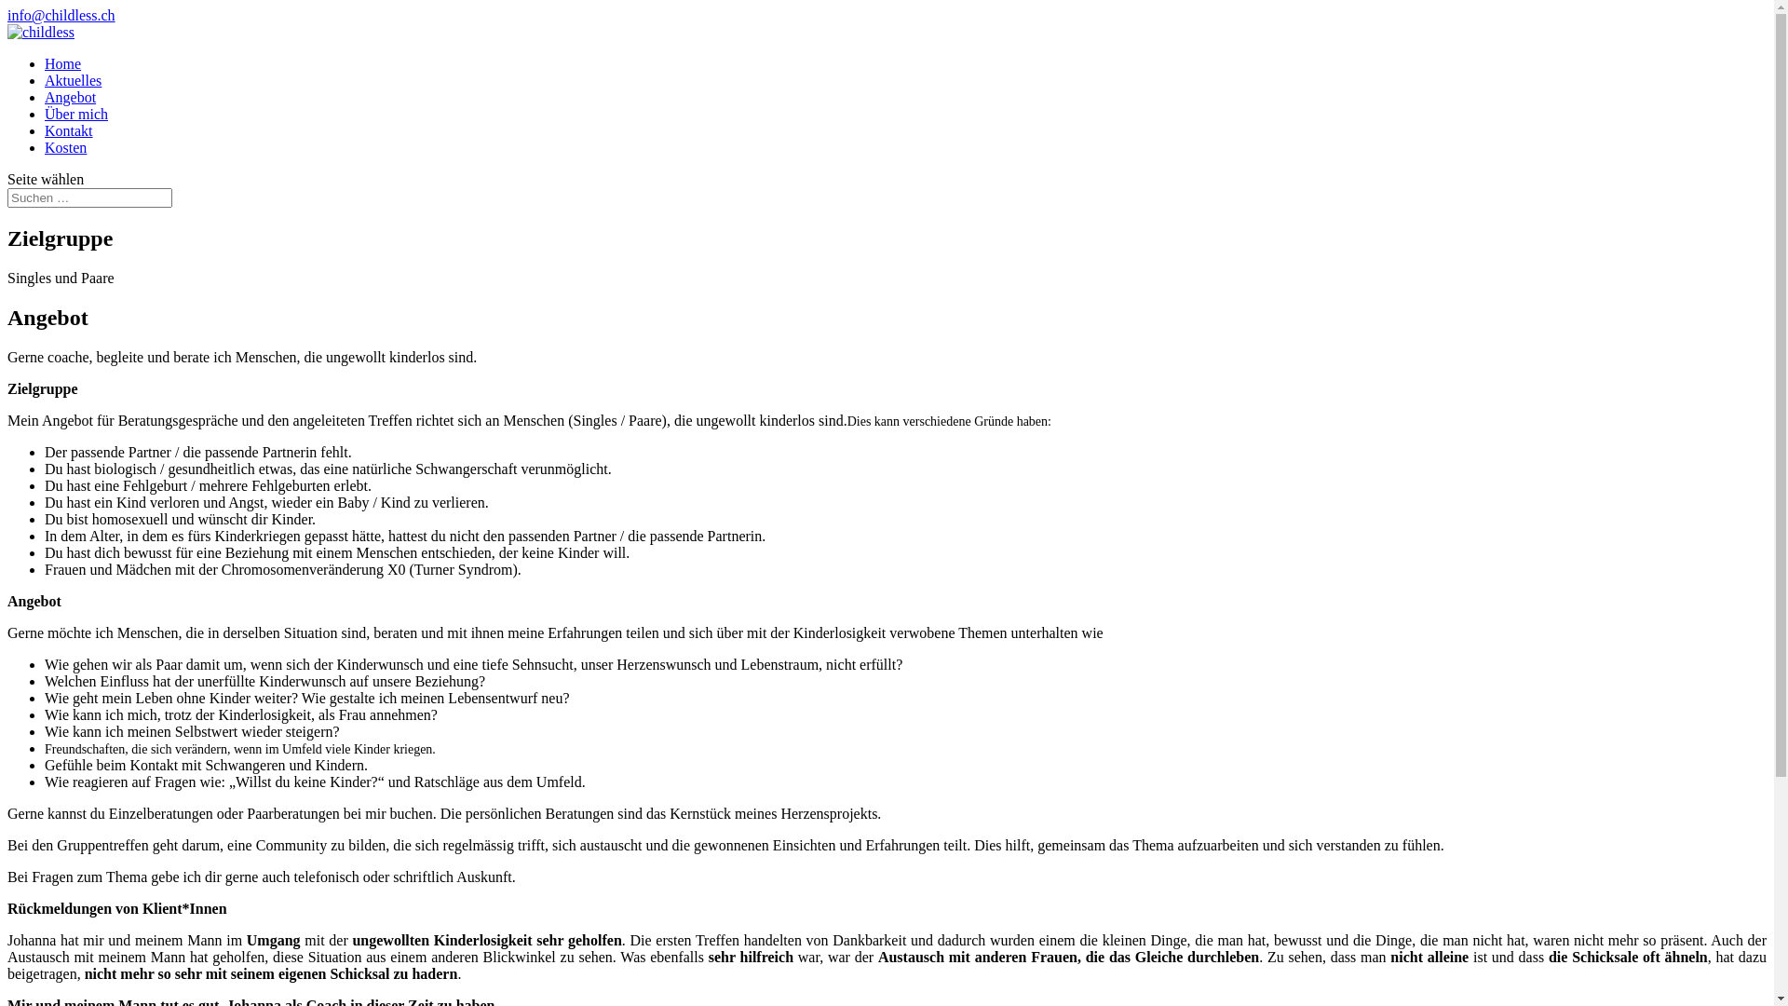 The image size is (1788, 1006). What do you see at coordinates (68, 129) in the screenshot?
I see `'Kontakt'` at bounding box center [68, 129].